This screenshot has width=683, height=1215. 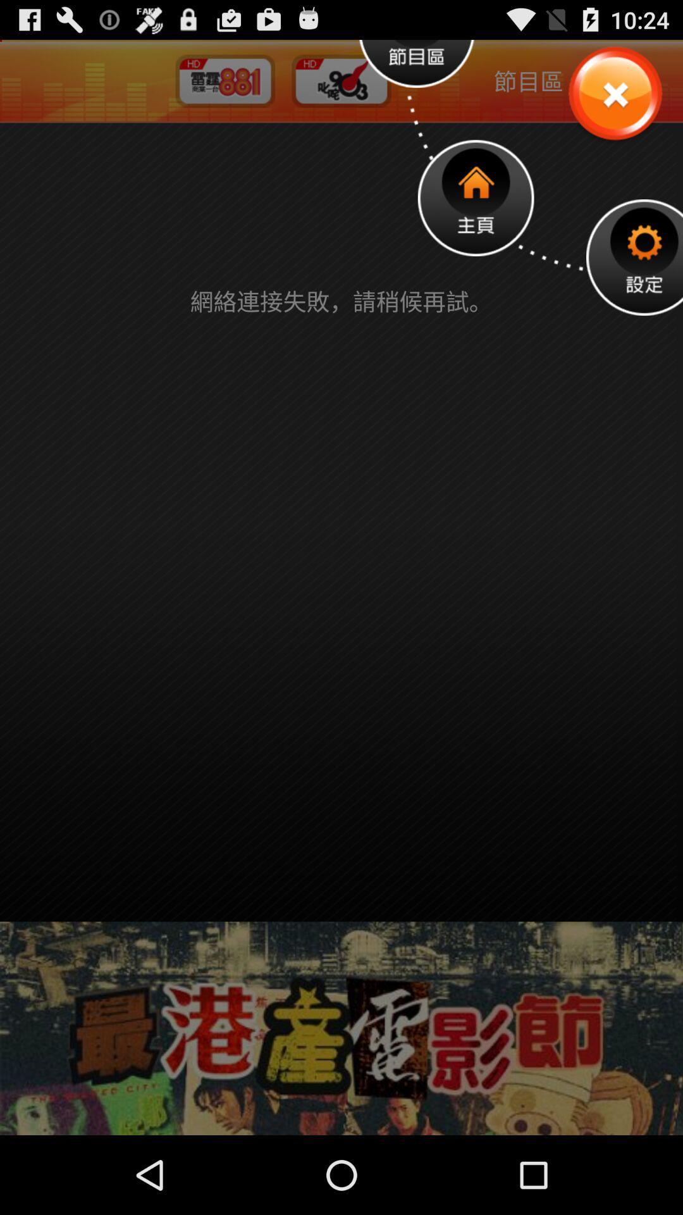 What do you see at coordinates (614, 94) in the screenshot?
I see `the page` at bounding box center [614, 94].